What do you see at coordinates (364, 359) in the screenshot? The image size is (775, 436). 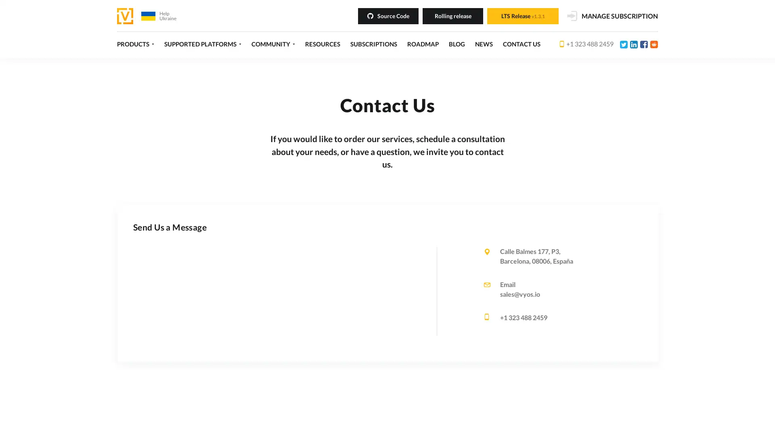 I see `Send` at bounding box center [364, 359].